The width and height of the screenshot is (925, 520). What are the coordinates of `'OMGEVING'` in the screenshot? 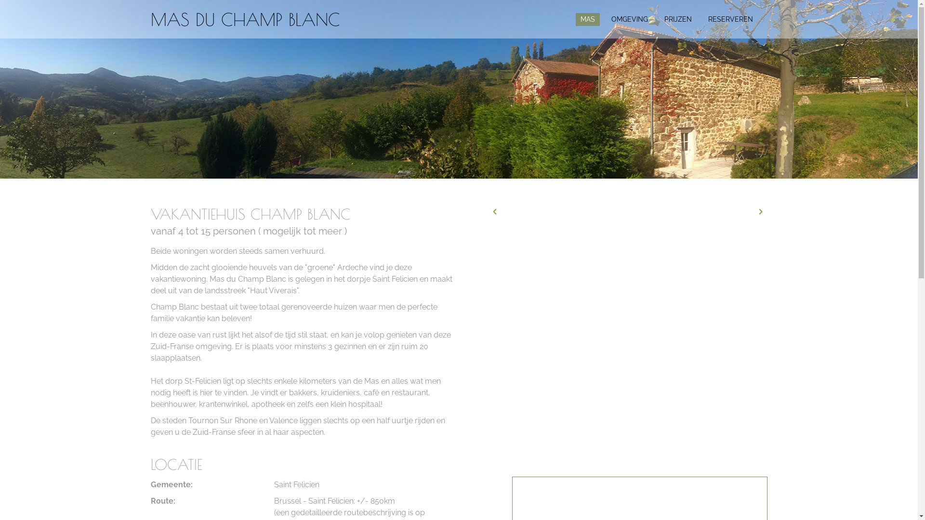 It's located at (629, 19).